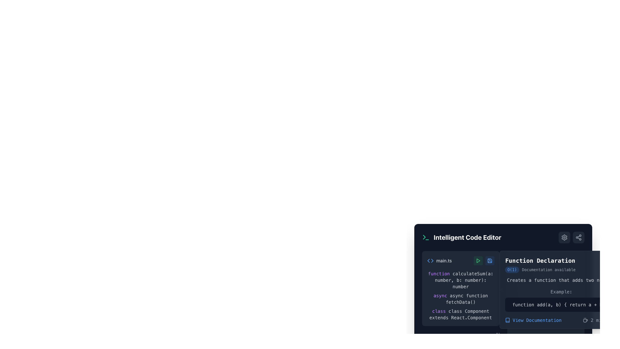 This screenshot has width=620, height=349. Describe the element at coordinates (561, 300) in the screenshot. I see `the code text from the Rich text content styled in a dark theme that contains the code snippet 'function add(a, b) { return a + b; }' within the pop-up tooltip labeled 'Function Declaration'` at that location.